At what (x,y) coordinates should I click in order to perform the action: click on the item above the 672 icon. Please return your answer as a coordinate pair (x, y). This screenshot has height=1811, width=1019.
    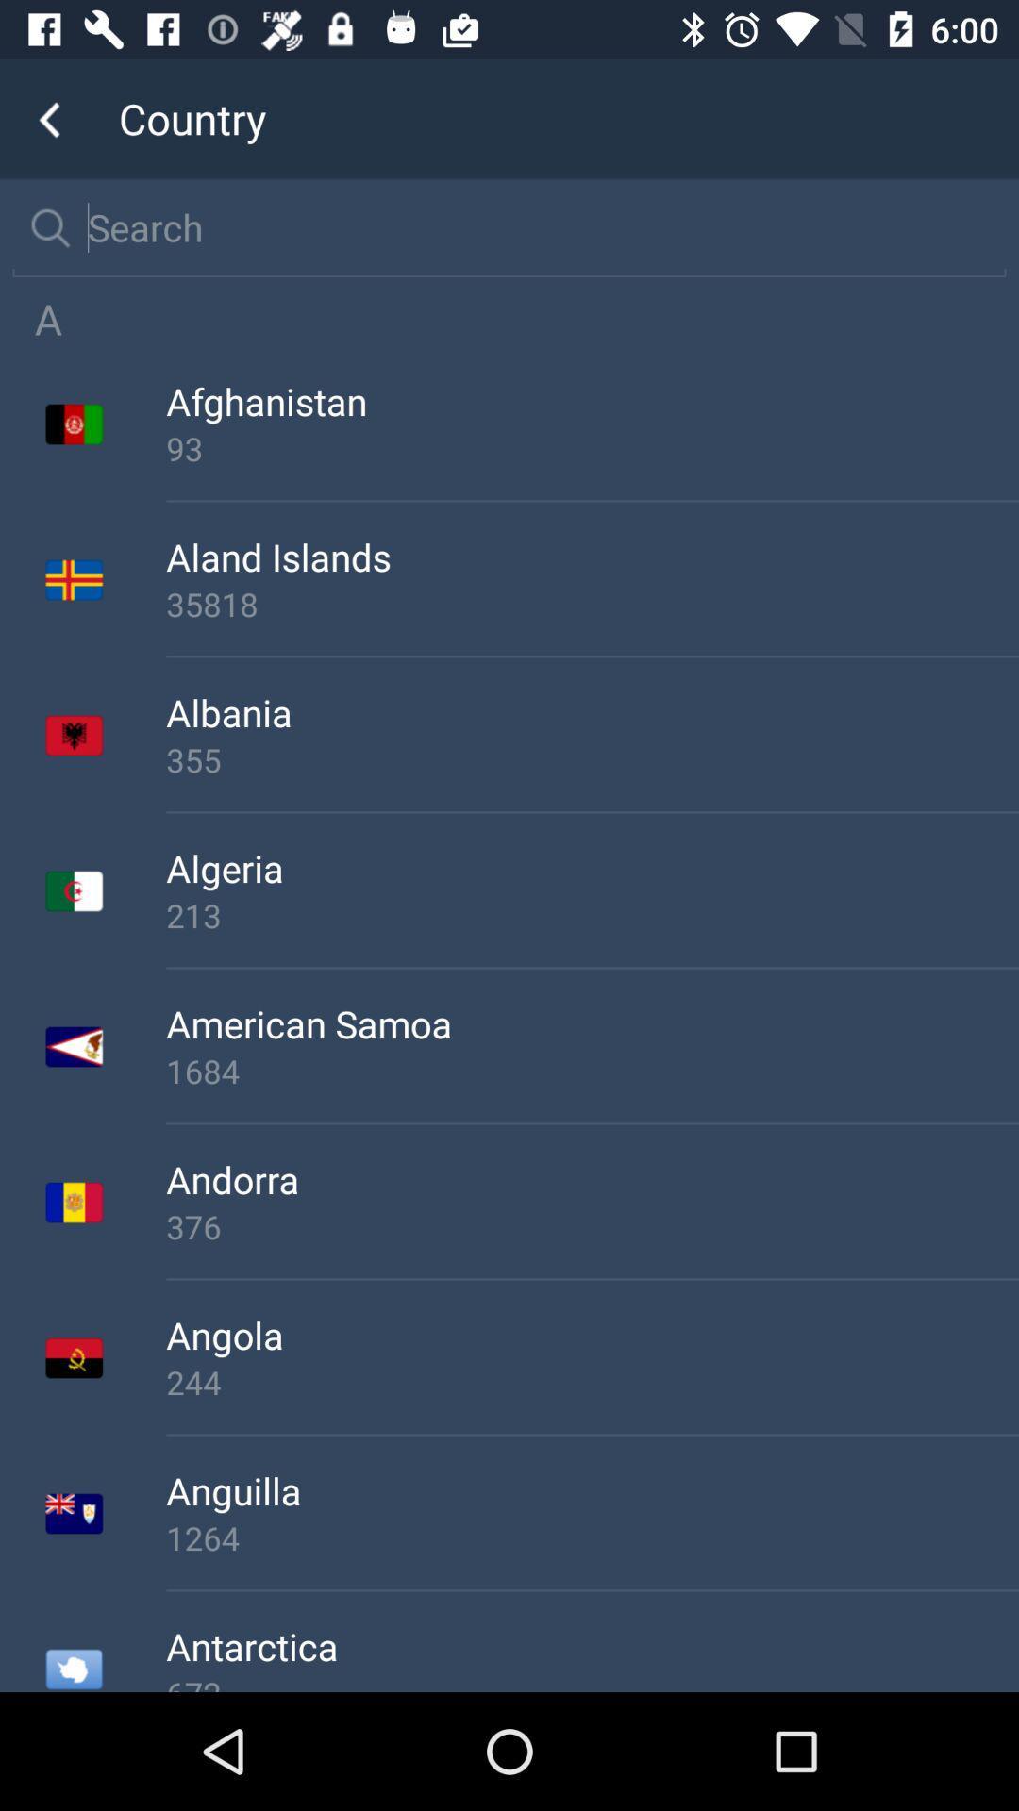
    Looking at the image, I should click on (592, 1645).